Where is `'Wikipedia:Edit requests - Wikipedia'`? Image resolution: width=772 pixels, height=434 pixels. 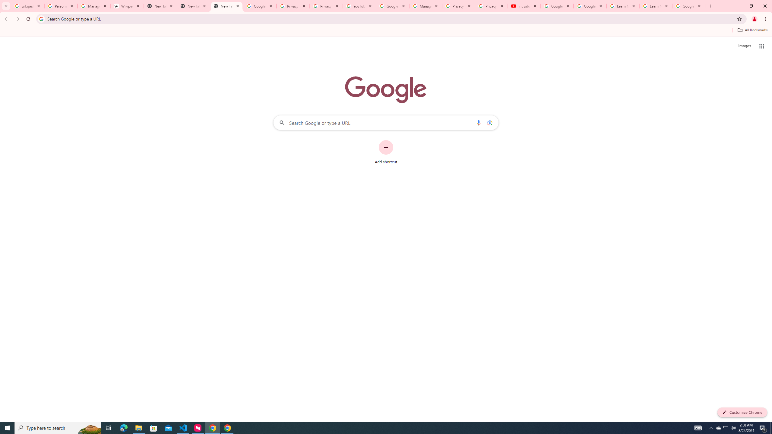 'Wikipedia:Edit requests - Wikipedia' is located at coordinates (127, 6).